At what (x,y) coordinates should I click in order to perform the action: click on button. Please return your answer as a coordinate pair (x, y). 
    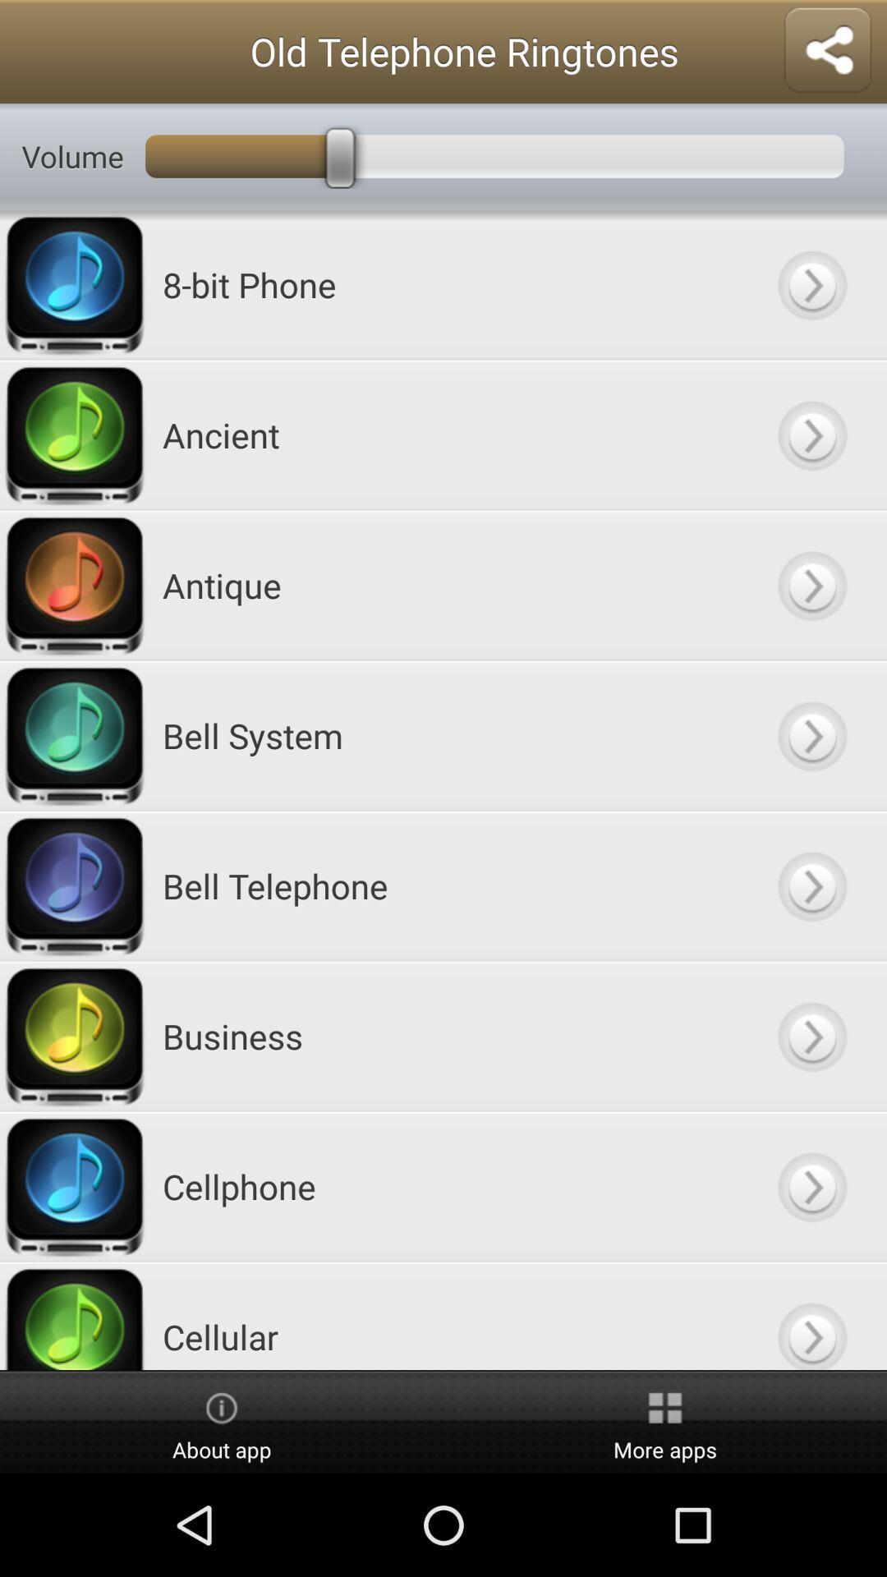
    Looking at the image, I should click on (811, 434).